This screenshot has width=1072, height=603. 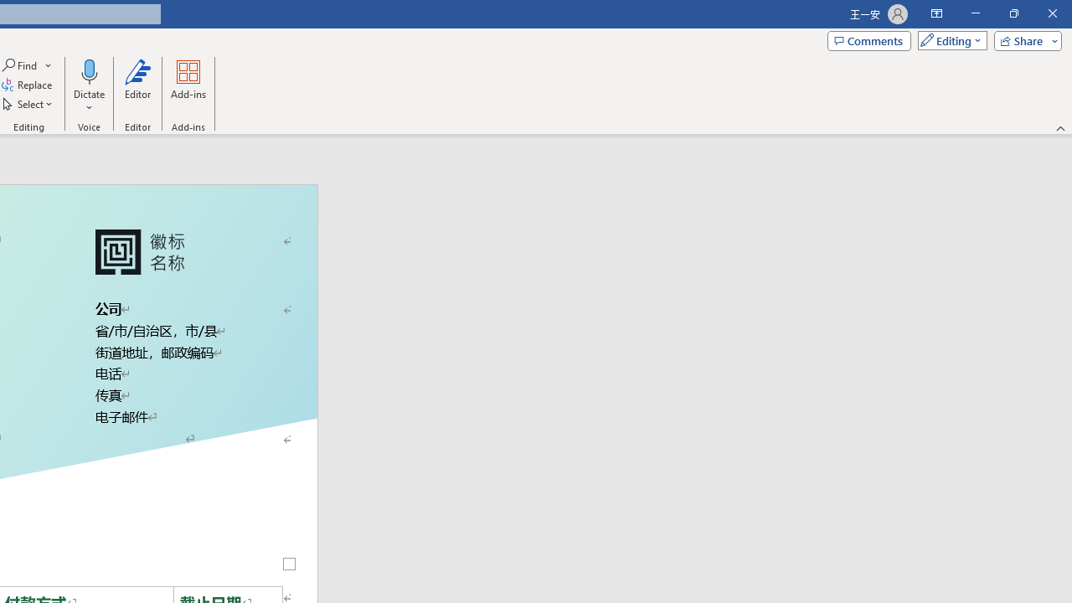 I want to click on 'More Options', so click(x=88, y=101).